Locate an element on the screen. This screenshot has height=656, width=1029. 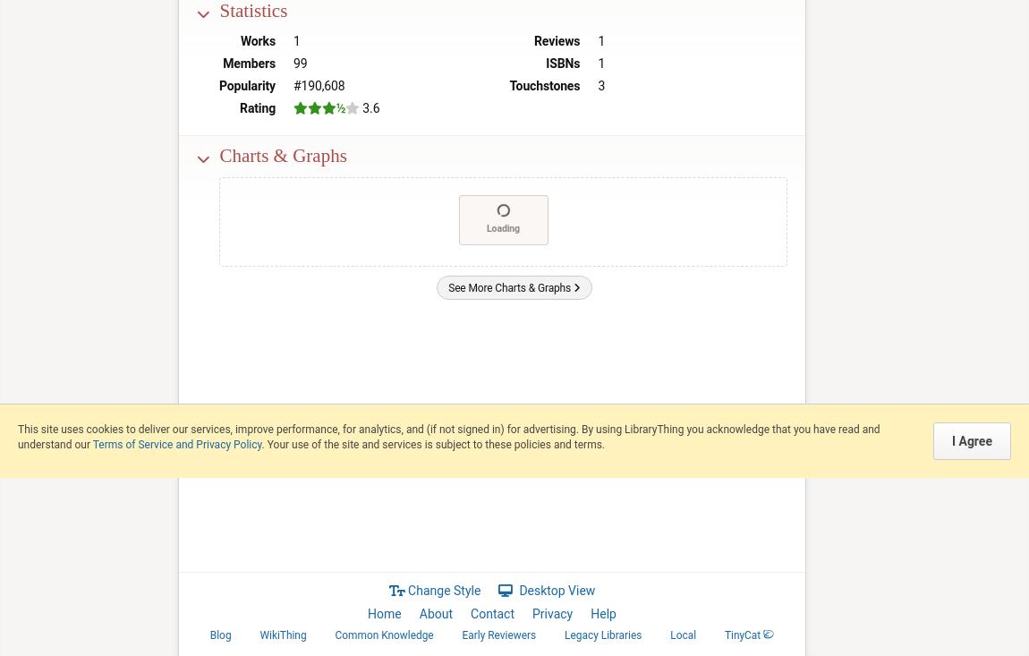
'#190,608' is located at coordinates (319, 84).